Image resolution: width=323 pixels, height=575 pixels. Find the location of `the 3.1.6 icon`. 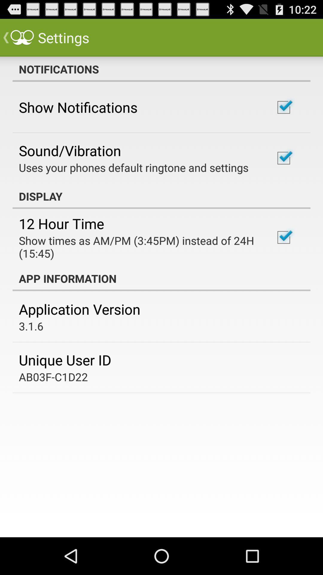

the 3.1.6 icon is located at coordinates (31, 326).